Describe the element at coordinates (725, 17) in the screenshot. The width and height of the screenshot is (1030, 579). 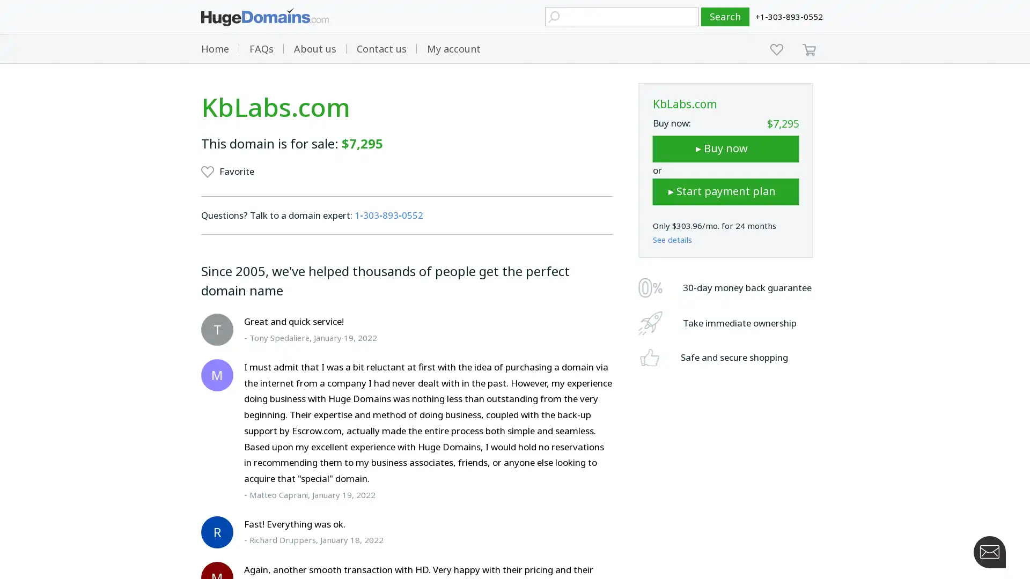
I see `Search` at that location.